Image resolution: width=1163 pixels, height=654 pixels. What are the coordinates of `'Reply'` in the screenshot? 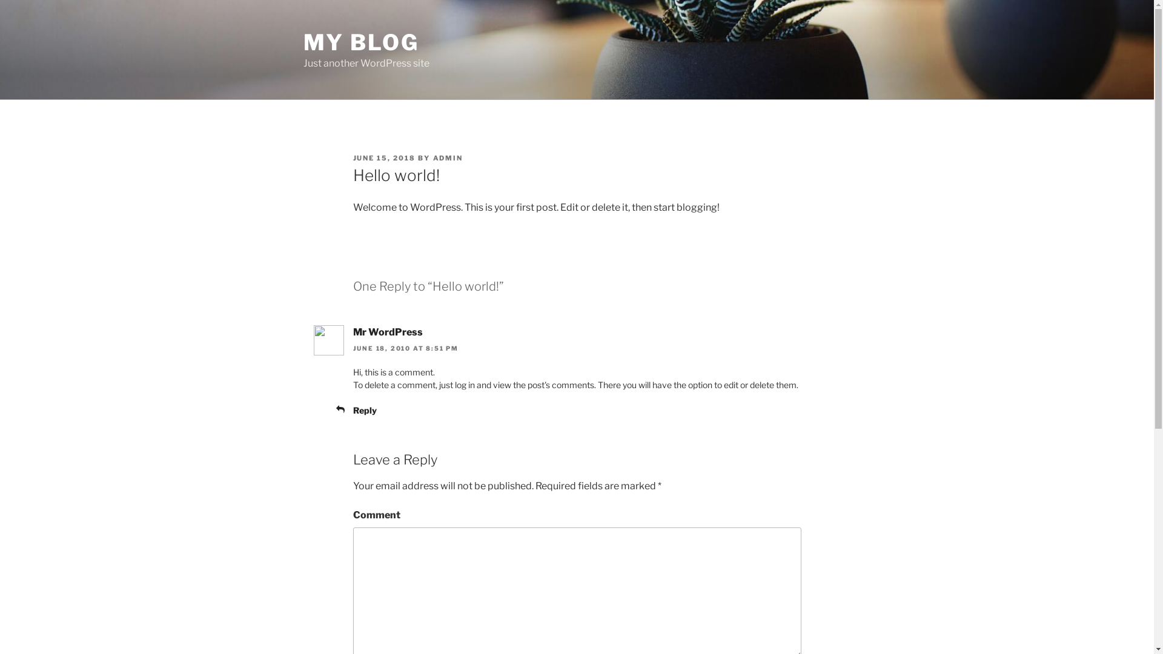 It's located at (363, 409).